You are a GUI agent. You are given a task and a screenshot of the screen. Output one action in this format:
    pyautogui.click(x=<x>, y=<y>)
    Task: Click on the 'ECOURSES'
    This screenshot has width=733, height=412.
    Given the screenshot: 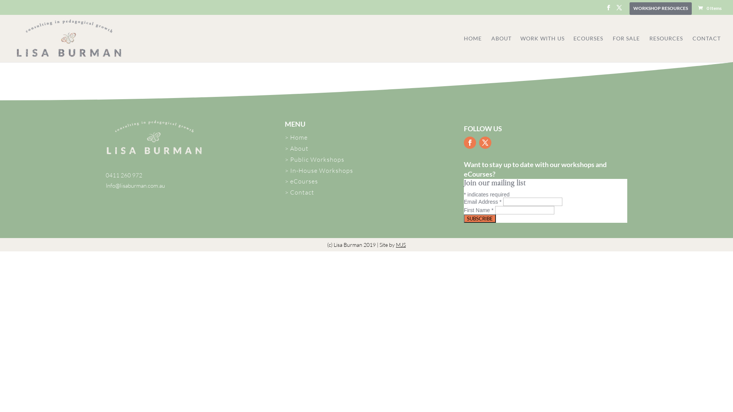 What is the action you would take?
    pyautogui.click(x=588, y=49)
    